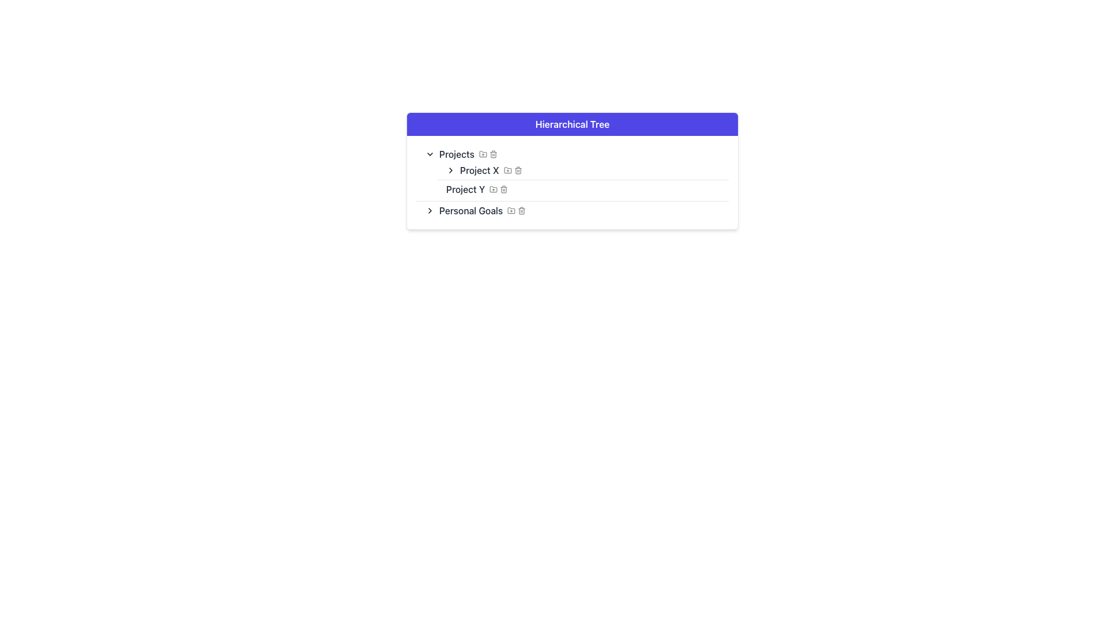 The height and width of the screenshot is (622, 1107). Describe the element at coordinates (429, 211) in the screenshot. I see `the chevron icon located to the left of the 'Personal Goals' text` at that location.